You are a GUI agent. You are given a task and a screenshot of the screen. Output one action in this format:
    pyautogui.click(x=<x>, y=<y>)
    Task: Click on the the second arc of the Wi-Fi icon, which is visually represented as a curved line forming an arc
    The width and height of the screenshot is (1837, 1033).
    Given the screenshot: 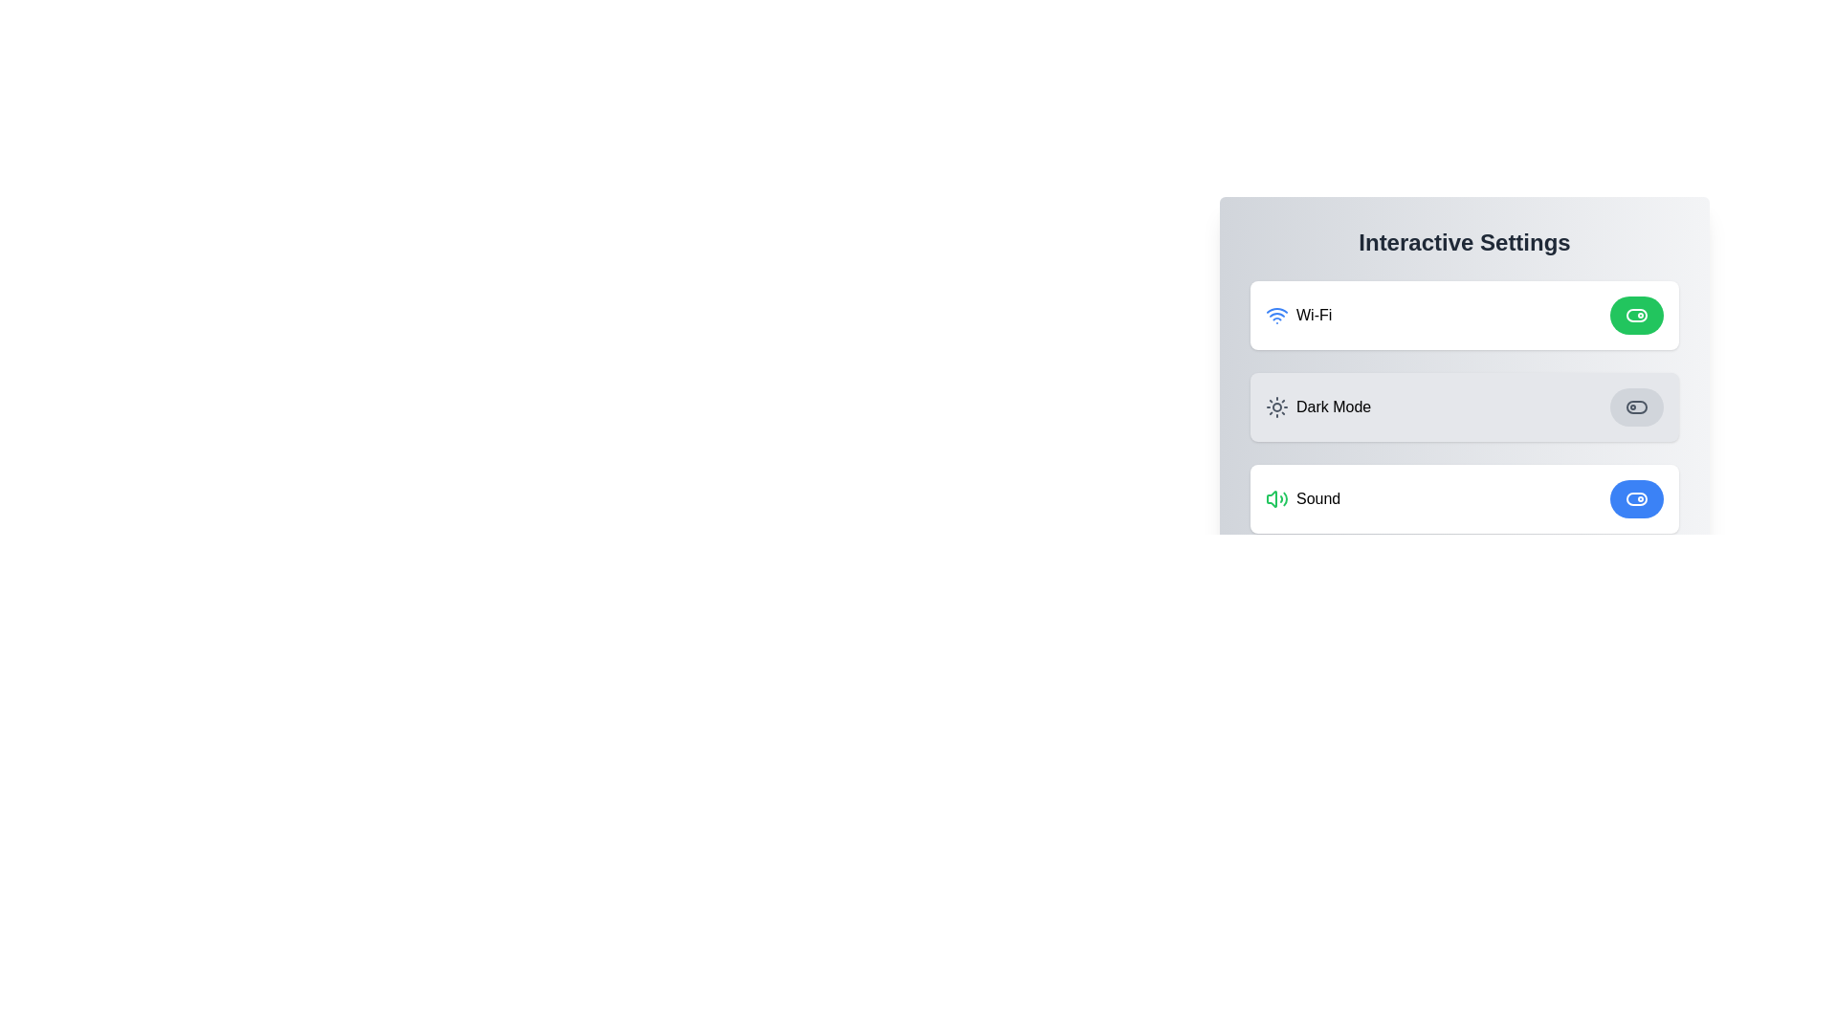 What is the action you would take?
    pyautogui.click(x=1276, y=309)
    